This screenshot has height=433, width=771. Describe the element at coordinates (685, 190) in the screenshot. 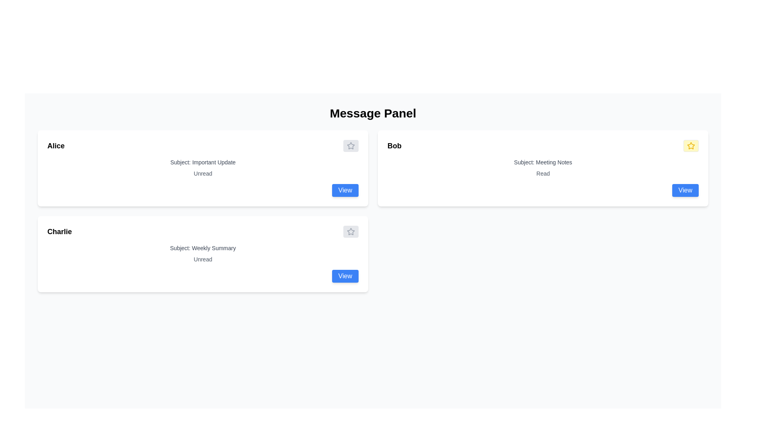

I see `the 'View' button located in the bottom-right corner of the card for 'Bob', which displays 'Meeting Notes' and the status 'Read', to observe any hover effect` at that location.